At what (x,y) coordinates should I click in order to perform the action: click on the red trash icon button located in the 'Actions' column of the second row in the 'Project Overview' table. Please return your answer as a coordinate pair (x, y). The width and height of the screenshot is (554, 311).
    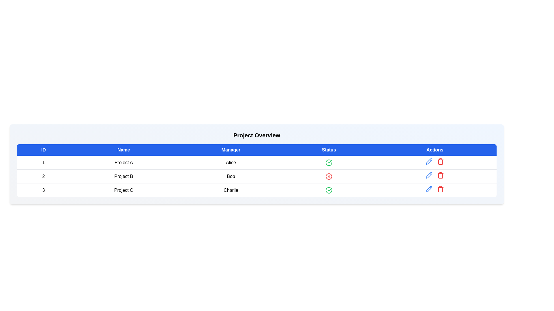
    Looking at the image, I should click on (440, 161).